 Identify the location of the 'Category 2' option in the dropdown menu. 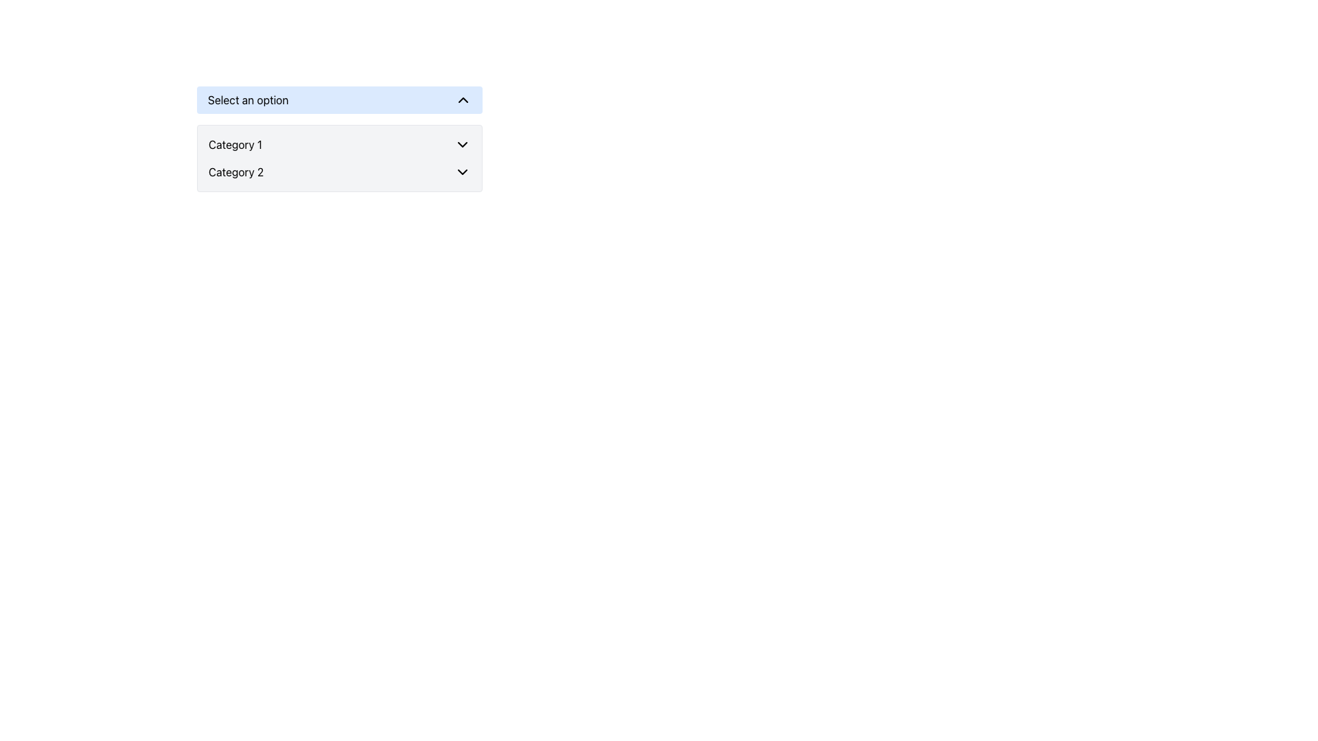
(339, 171).